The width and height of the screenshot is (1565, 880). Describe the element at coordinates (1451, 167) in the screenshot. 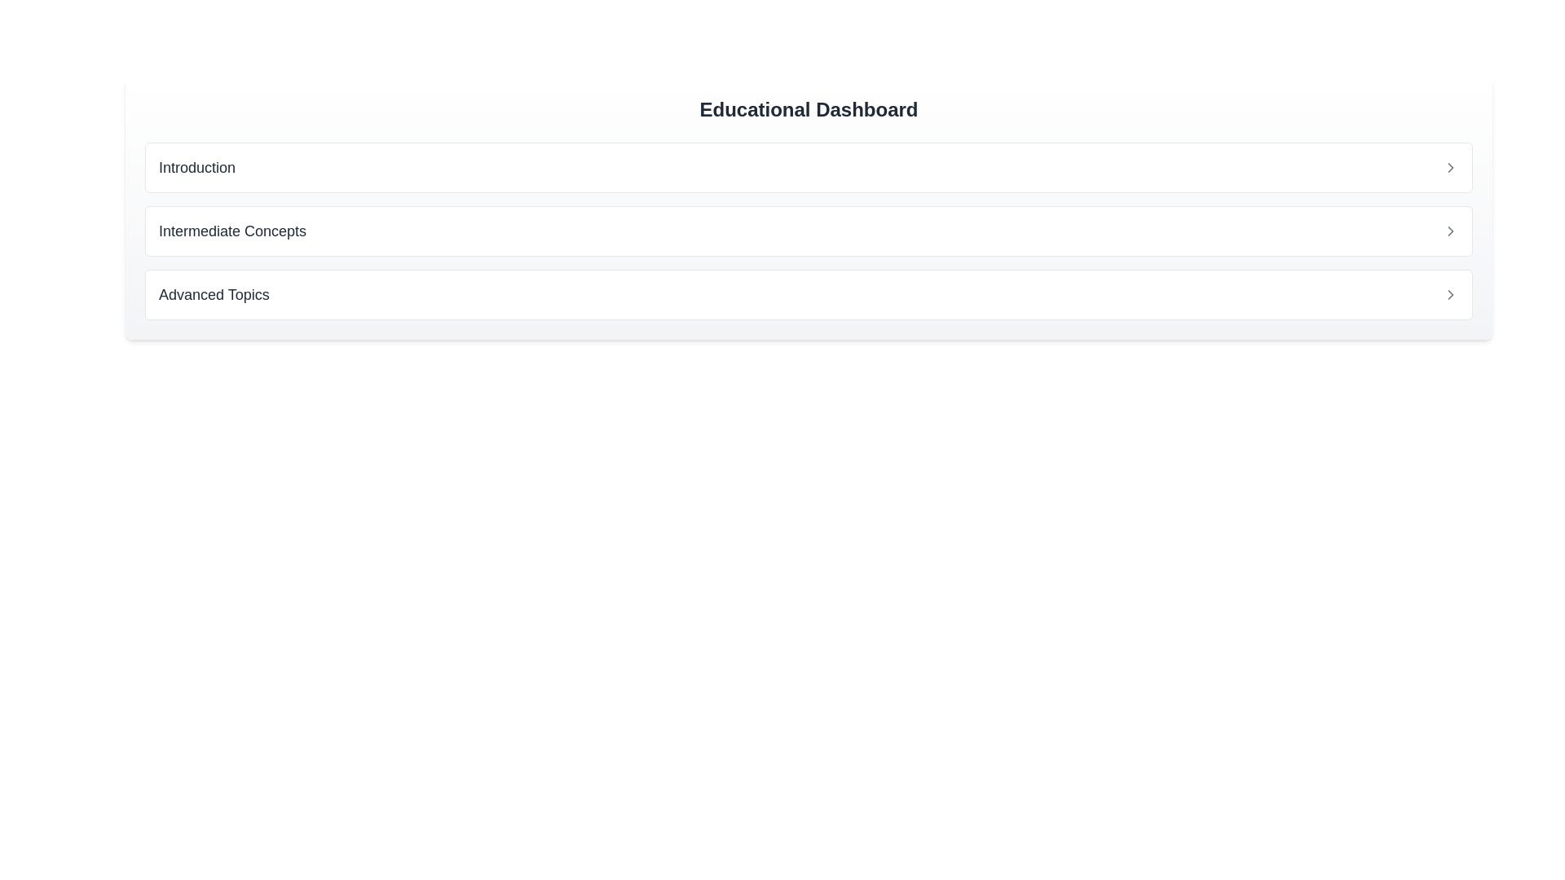

I see `the right-pointing chevron icon indicating navigation next to 'Introduction'` at that location.